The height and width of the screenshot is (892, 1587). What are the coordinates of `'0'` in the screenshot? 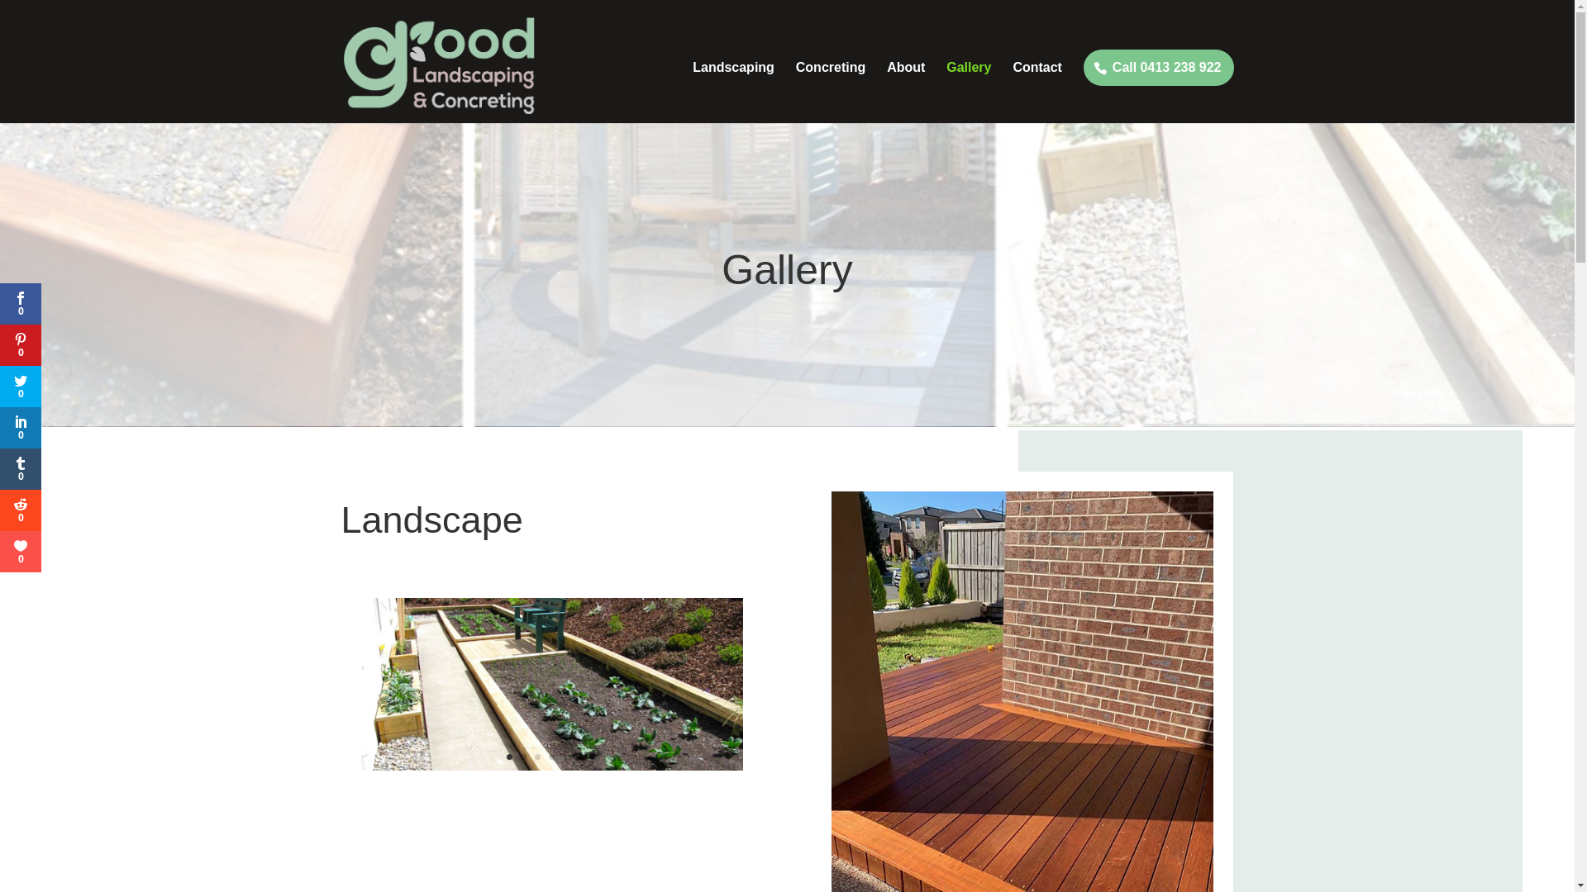 It's located at (0, 344).